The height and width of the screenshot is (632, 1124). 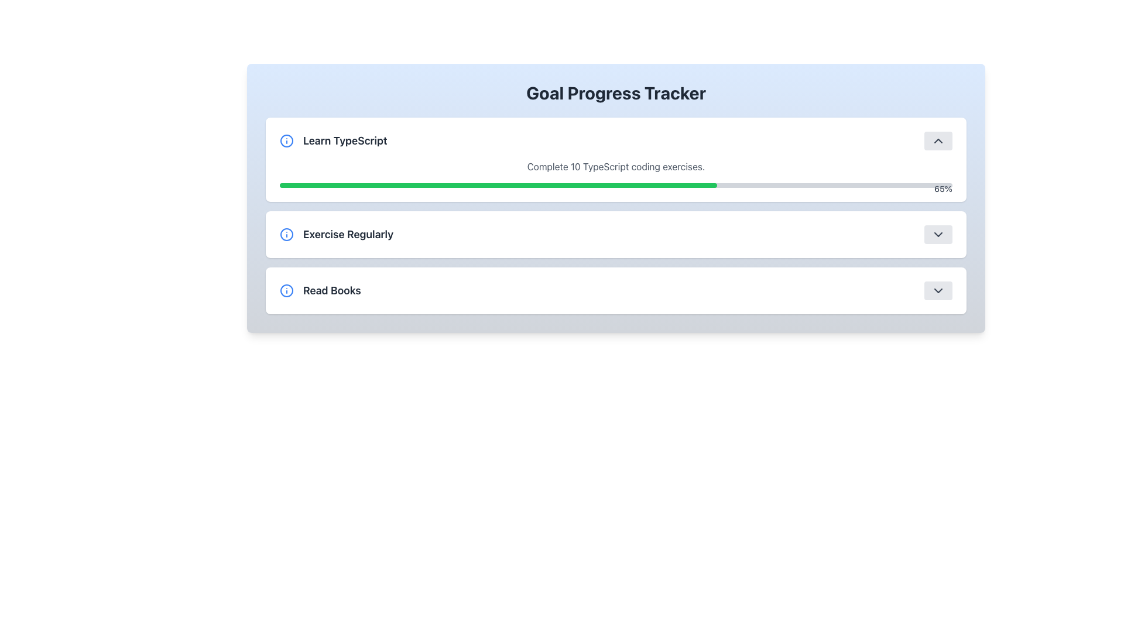 I want to click on the 'Read Books' label with an information icon in the 'Goal Progress Tracker' section, so click(x=320, y=290).